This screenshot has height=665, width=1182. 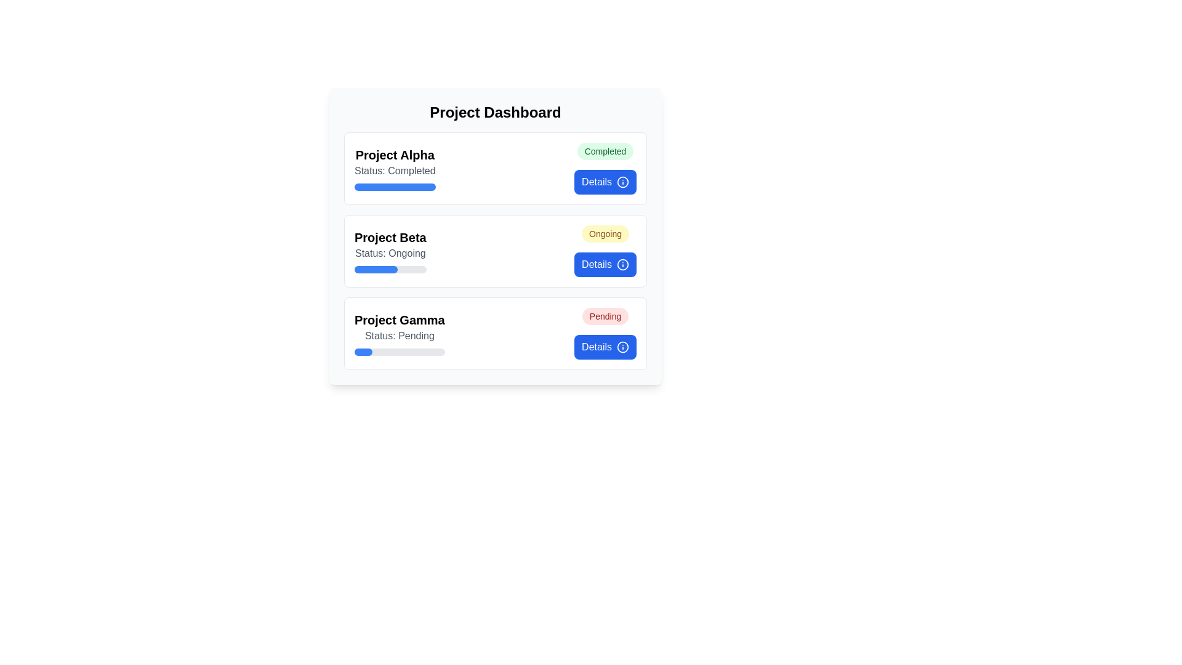 I want to click on the text label 'Project Beta' which is styled as a heading in bold and larger font, located in the center-left area of the second project card, so click(x=389, y=237).